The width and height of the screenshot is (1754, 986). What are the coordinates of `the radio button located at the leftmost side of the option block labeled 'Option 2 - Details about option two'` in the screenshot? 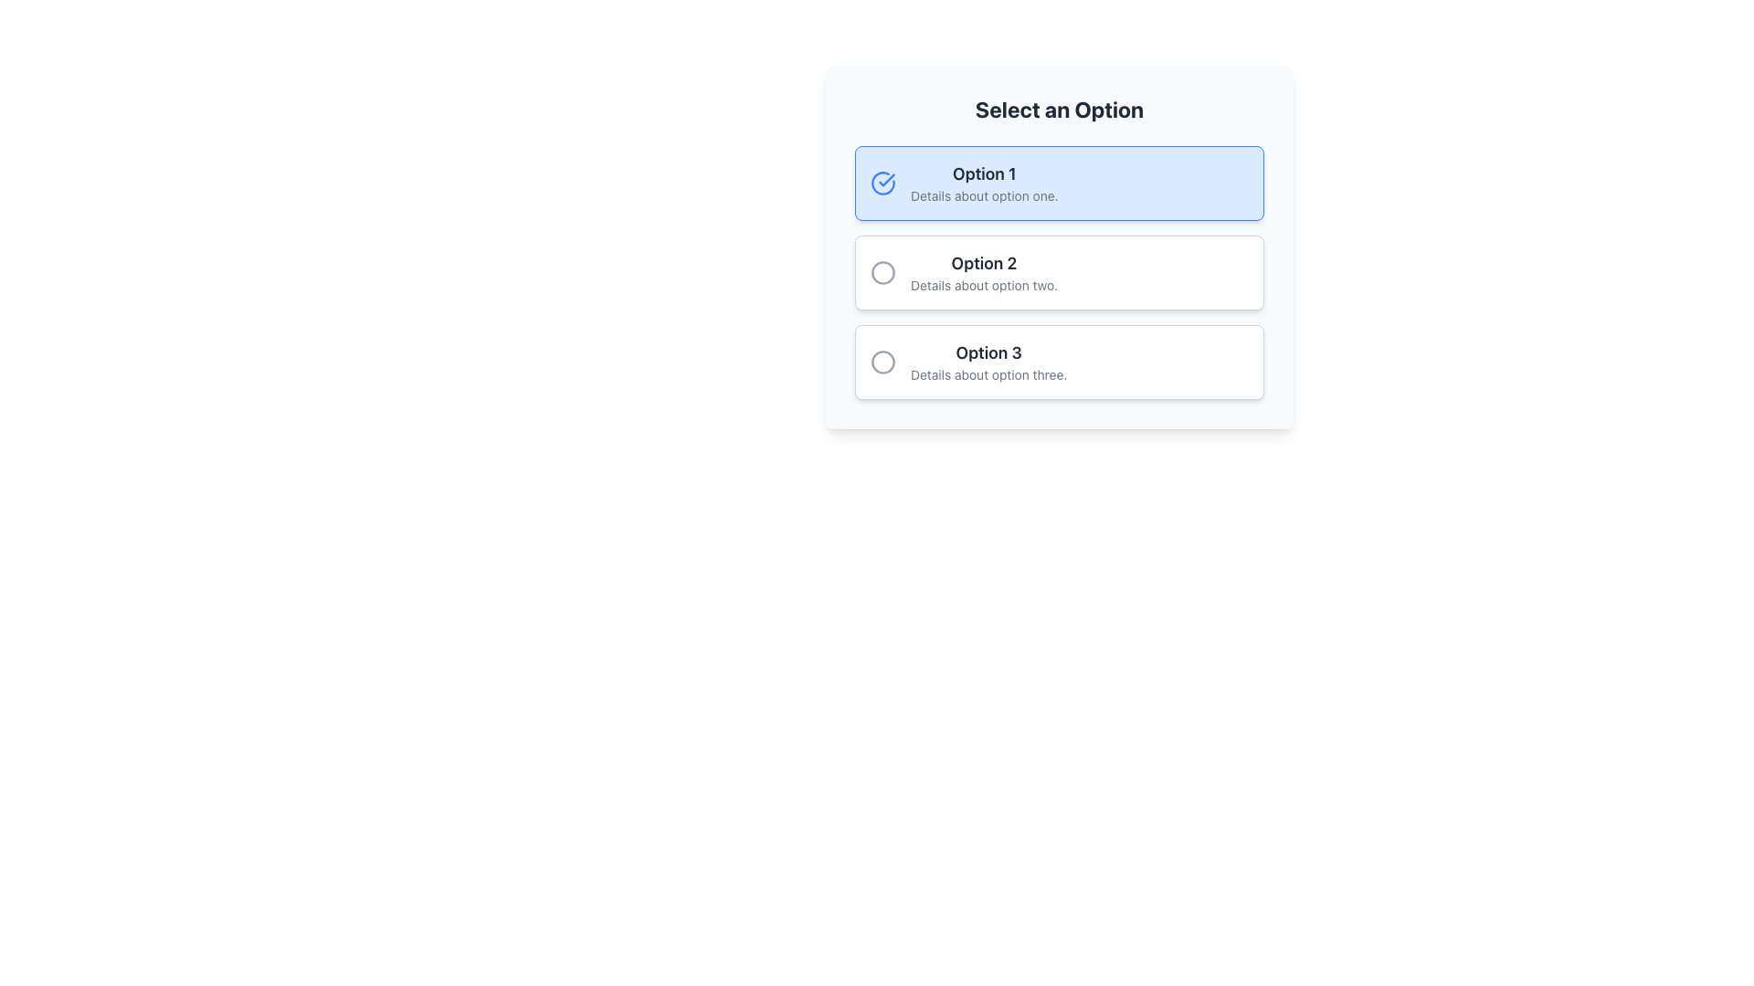 It's located at (882, 273).